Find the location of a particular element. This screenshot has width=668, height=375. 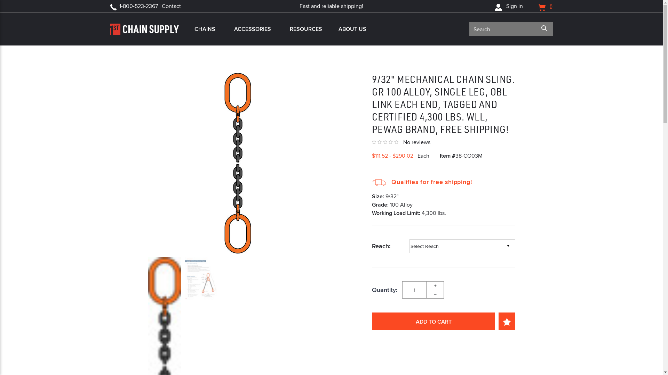

'RESOURCES' is located at coordinates (305, 29).